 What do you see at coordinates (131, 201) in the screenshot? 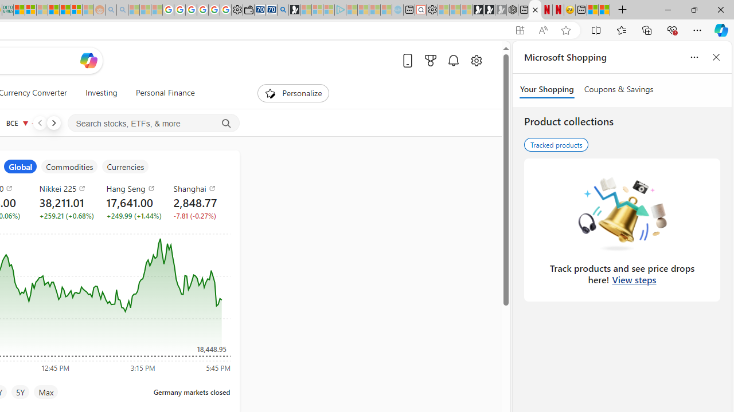
I see `'Hang Seng HSI increase 17,641.00 +249.99 +1.44%'` at bounding box center [131, 201].